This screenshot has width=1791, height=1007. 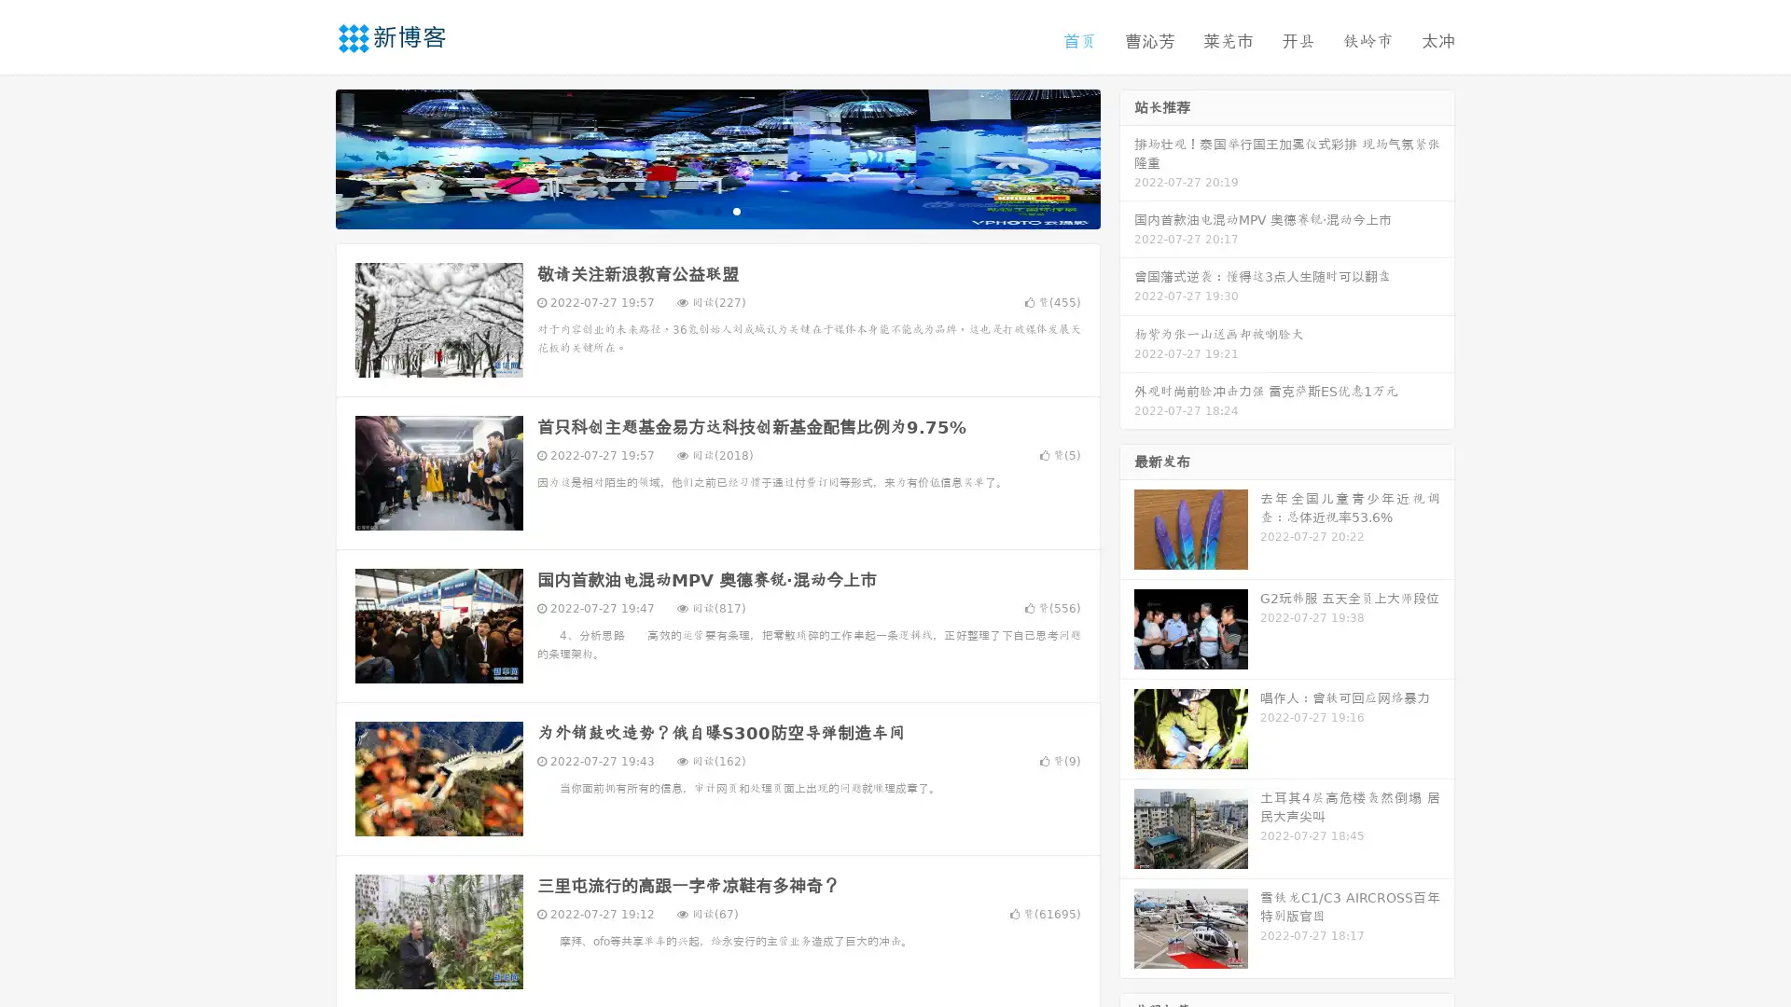 I want to click on Go to slide 1, so click(x=698, y=210).